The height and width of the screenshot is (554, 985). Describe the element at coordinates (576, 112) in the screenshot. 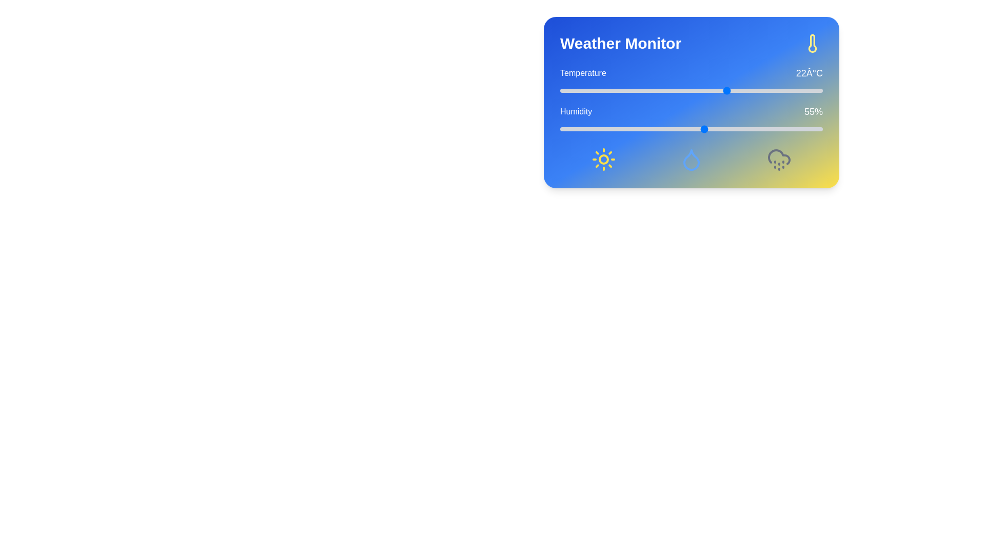

I see `the text 'Humidity' by clicking on its center` at that location.